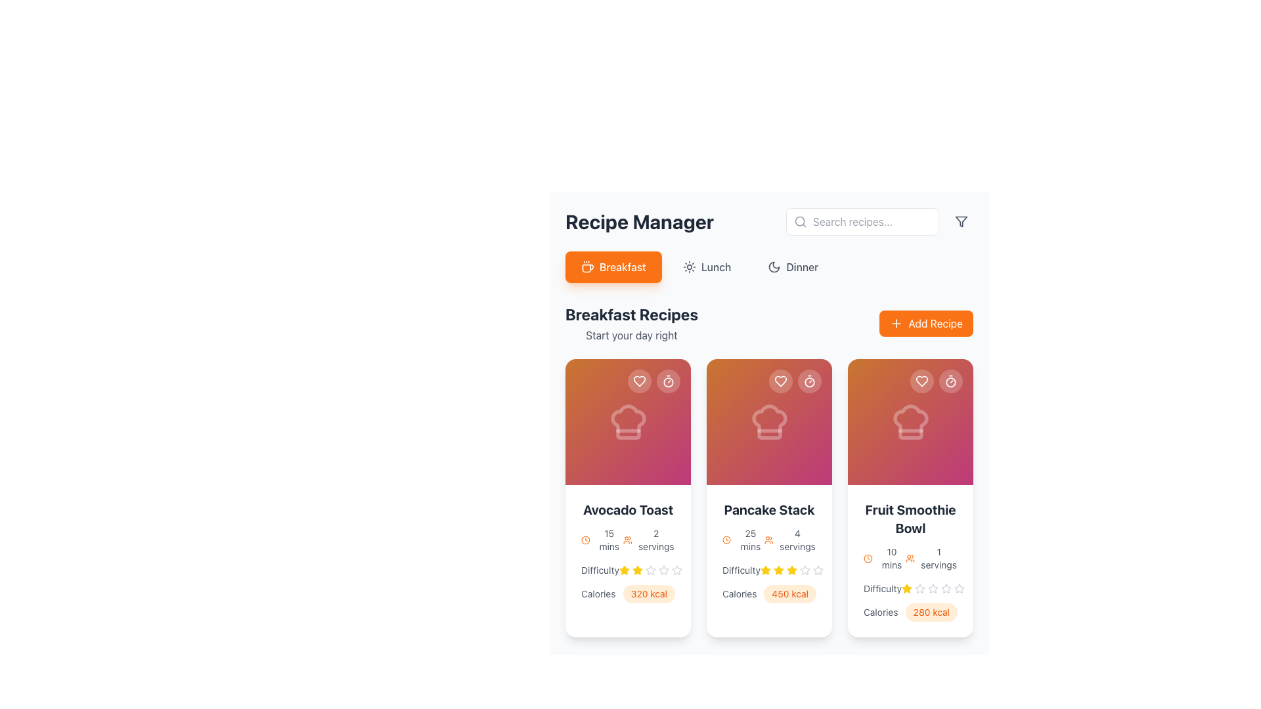 The height and width of the screenshot is (709, 1261). What do you see at coordinates (883, 588) in the screenshot?
I see `the 'Difficulty' text label, which is styled in gray and located within the card layout for the 'Fruit Smoothie Bowl' recipe` at bounding box center [883, 588].